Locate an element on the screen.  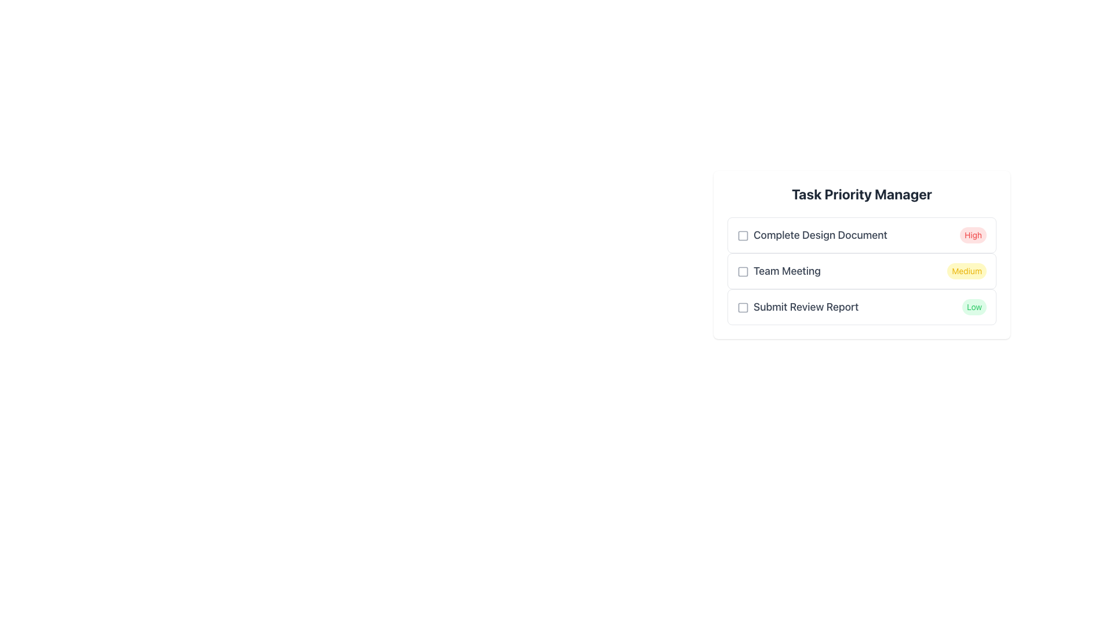
the checkboxes in the Task Priority Manager is located at coordinates (862, 254).